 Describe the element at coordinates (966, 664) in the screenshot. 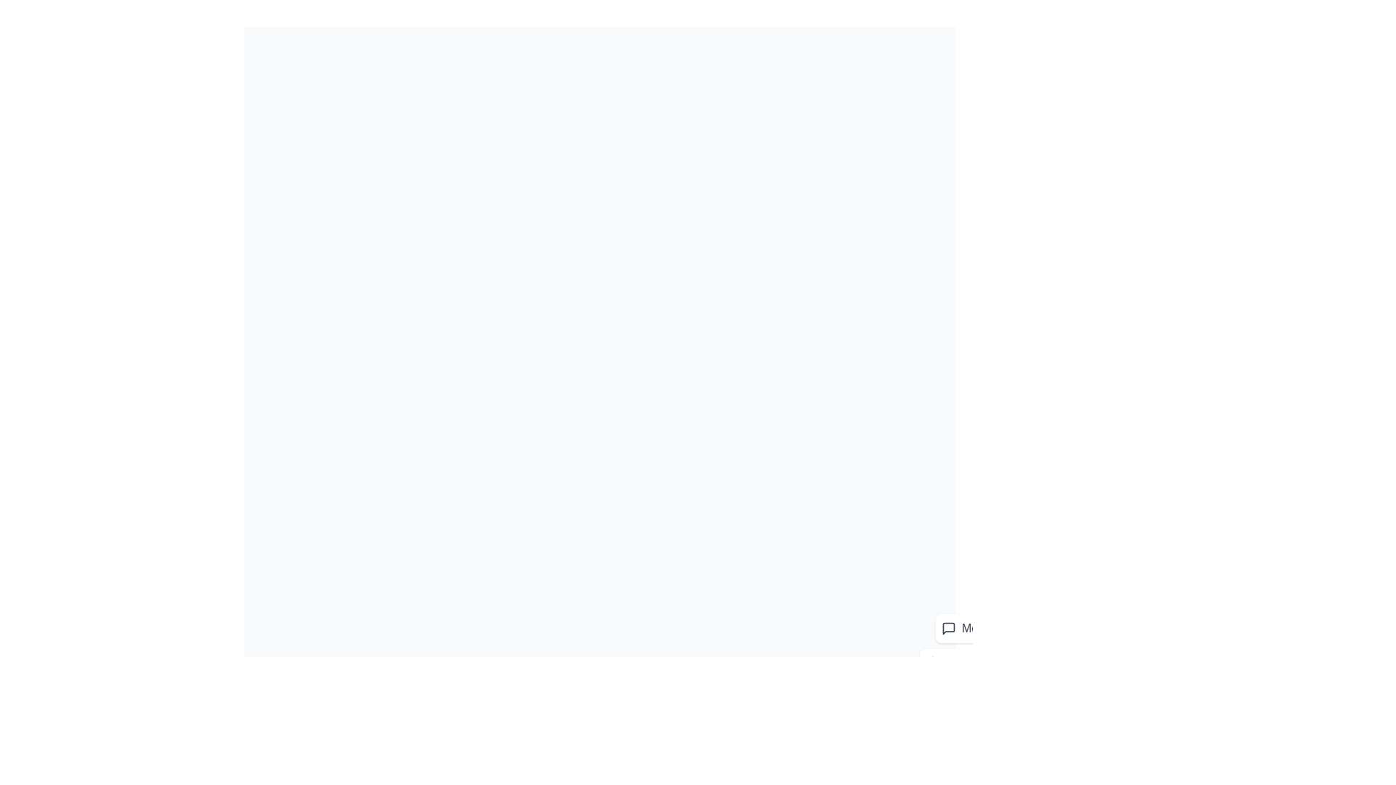

I see `the 'Notifications' button in the speed dial menu` at that location.